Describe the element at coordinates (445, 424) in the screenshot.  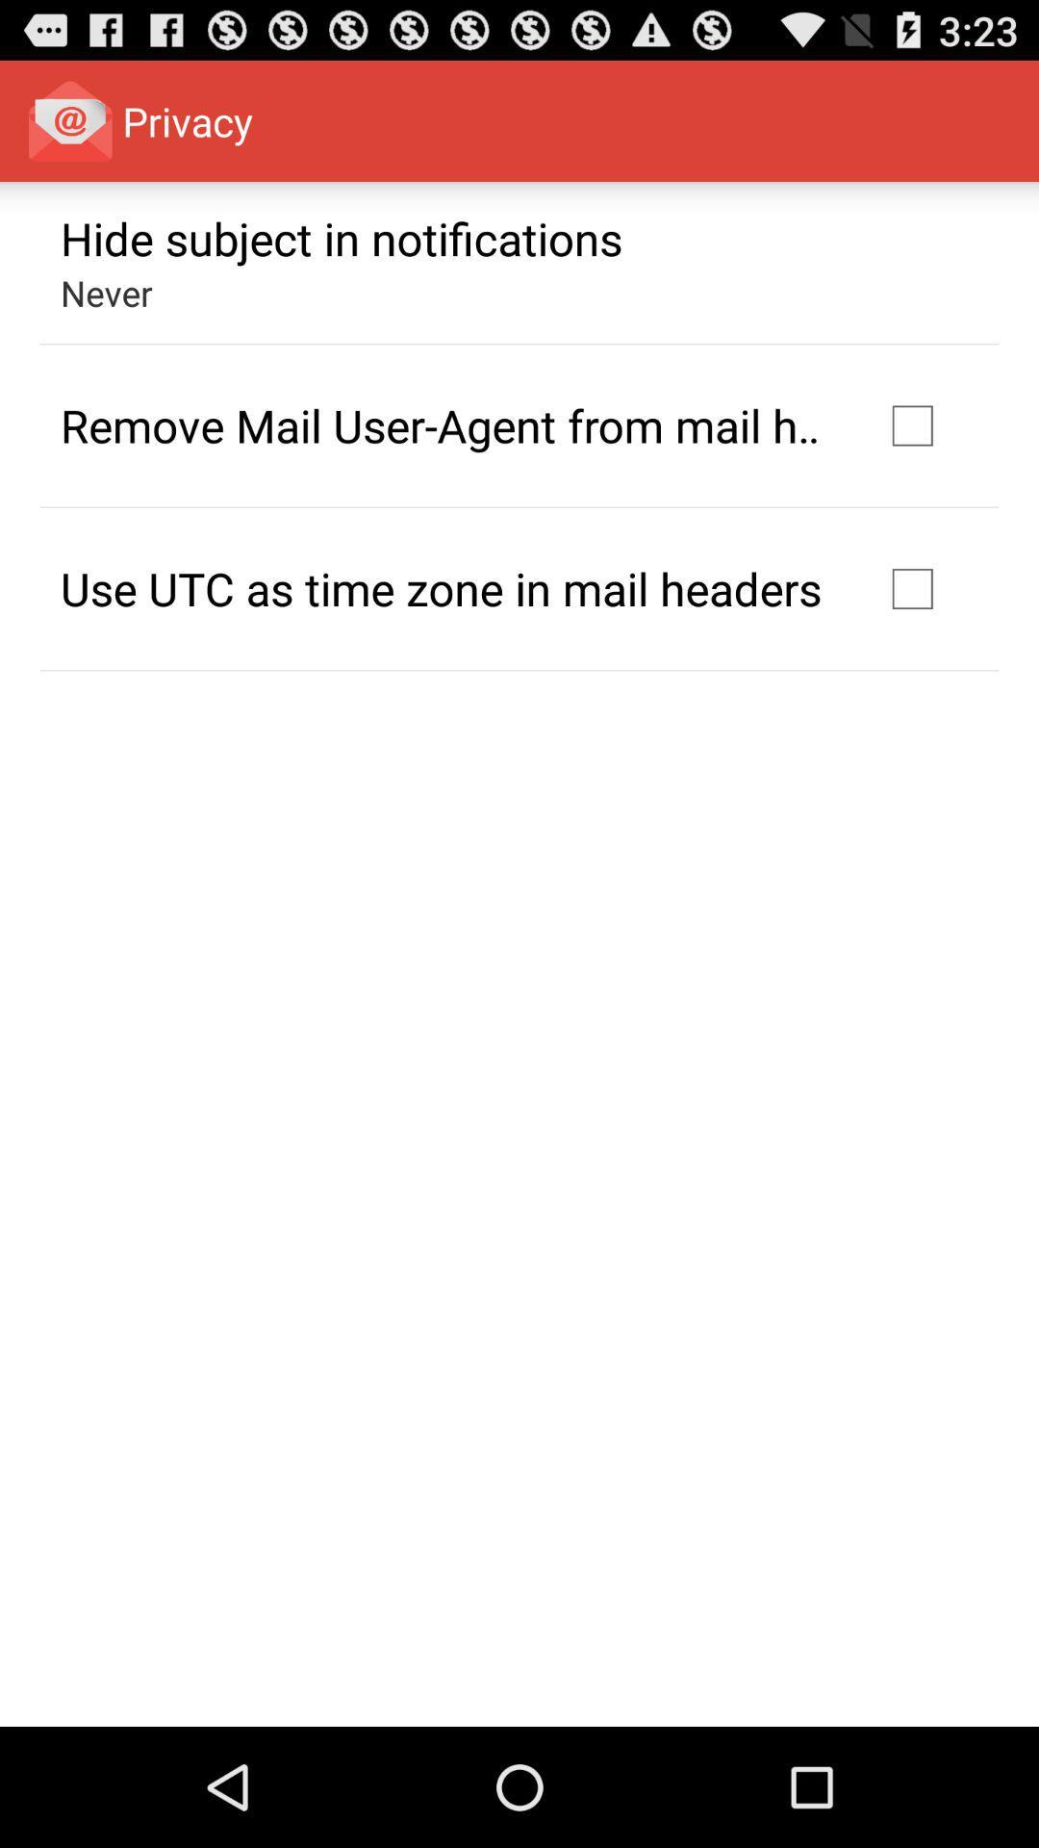
I see `remove mail user icon` at that location.